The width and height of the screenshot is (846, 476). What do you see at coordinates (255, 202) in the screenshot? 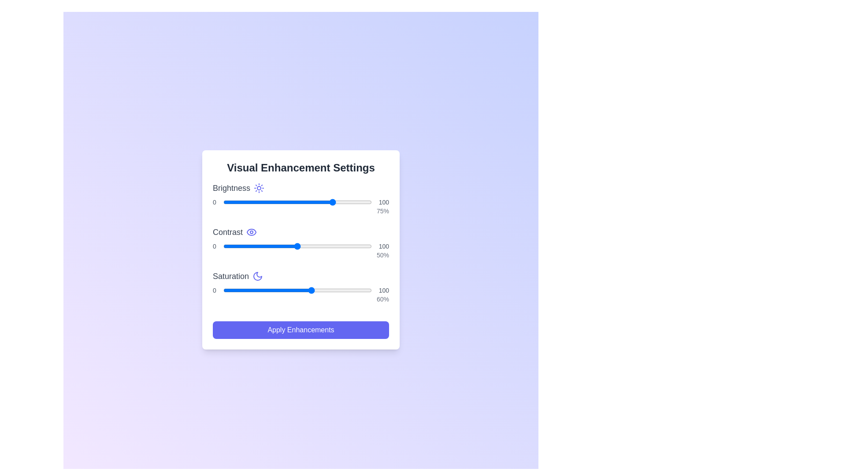
I see `the brightness slider to set the brightness level to 22` at bounding box center [255, 202].